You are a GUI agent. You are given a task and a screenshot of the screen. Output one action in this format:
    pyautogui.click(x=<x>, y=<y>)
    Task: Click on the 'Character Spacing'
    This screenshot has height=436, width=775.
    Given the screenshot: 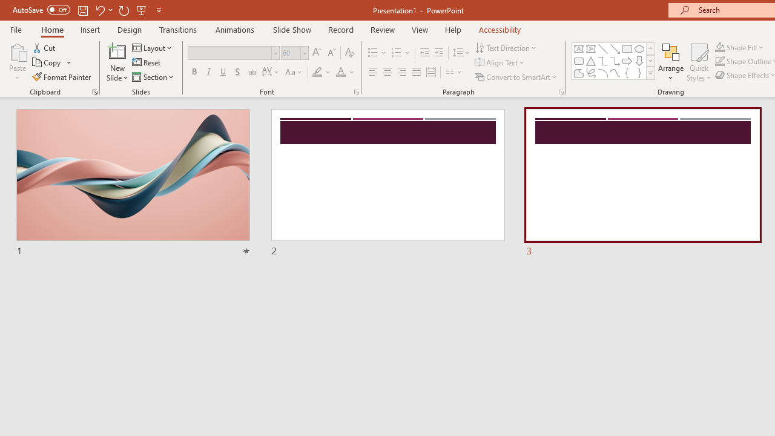 What is the action you would take?
    pyautogui.click(x=271, y=72)
    